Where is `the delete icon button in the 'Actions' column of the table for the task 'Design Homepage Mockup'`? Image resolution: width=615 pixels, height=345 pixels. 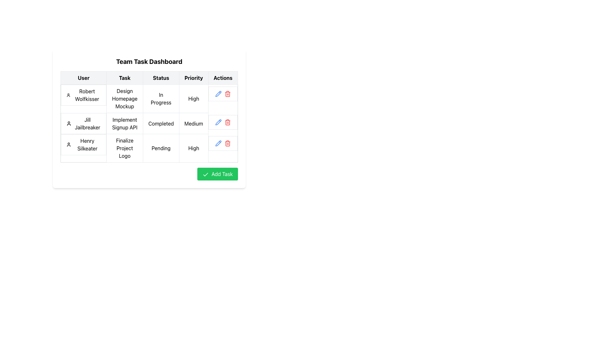 the delete icon button in the 'Actions' column of the table for the task 'Design Homepage Mockup' is located at coordinates (227, 143).